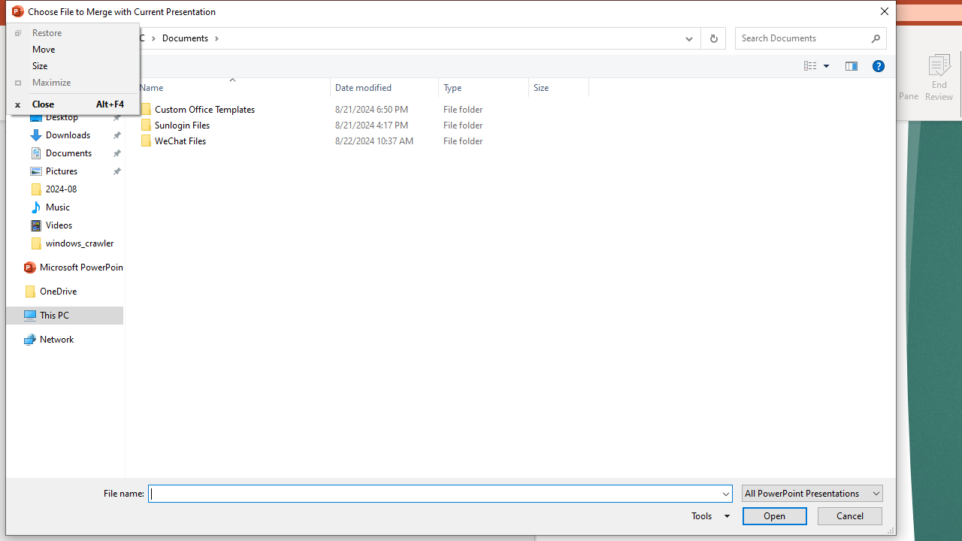 This screenshot has width=962, height=541. What do you see at coordinates (59, 38) in the screenshot?
I see `'Recent locations'` at bounding box center [59, 38].